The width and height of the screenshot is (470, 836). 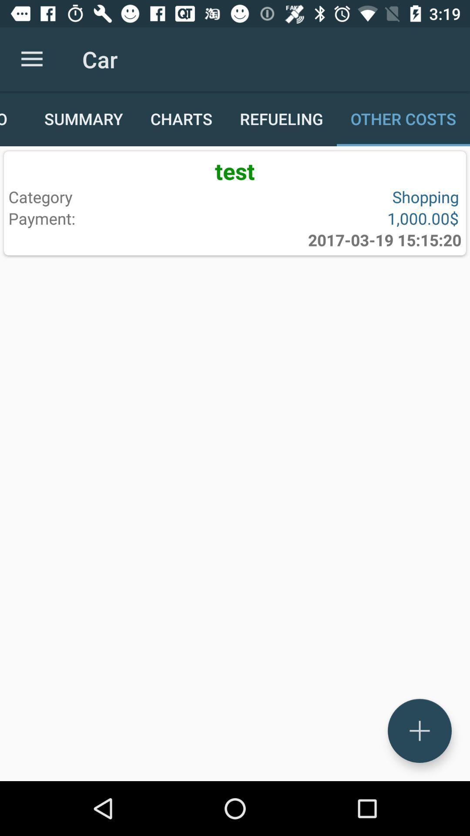 What do you see at coordinates (384, 240) in the screenshot?
I see `icon next to payment: icon` at bounding box center [384, 240].